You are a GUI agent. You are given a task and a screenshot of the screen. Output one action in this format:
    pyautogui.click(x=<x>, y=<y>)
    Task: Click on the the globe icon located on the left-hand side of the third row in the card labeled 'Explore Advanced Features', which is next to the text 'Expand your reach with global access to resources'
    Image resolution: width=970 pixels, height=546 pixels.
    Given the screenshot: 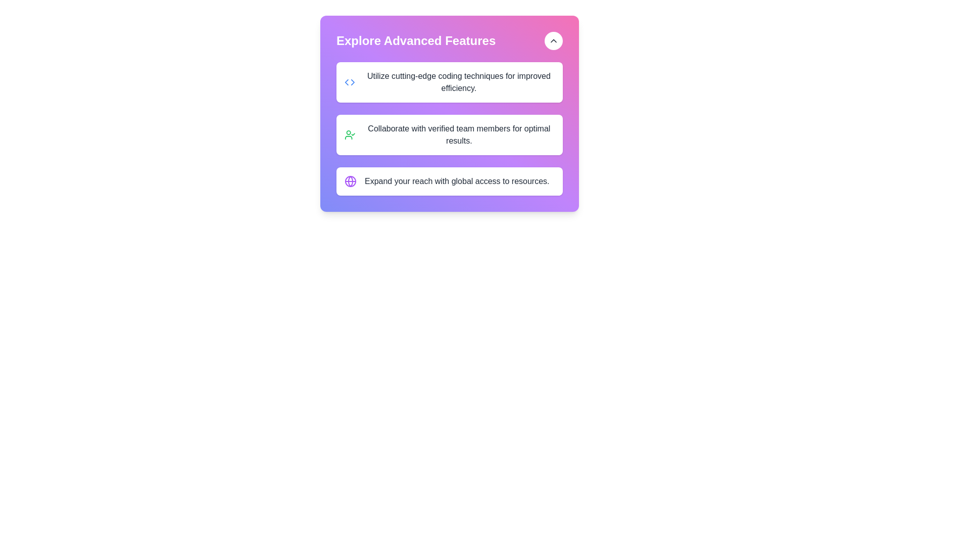 What is the action you would take?
    pyautogui.click(x=351, y=180)
    